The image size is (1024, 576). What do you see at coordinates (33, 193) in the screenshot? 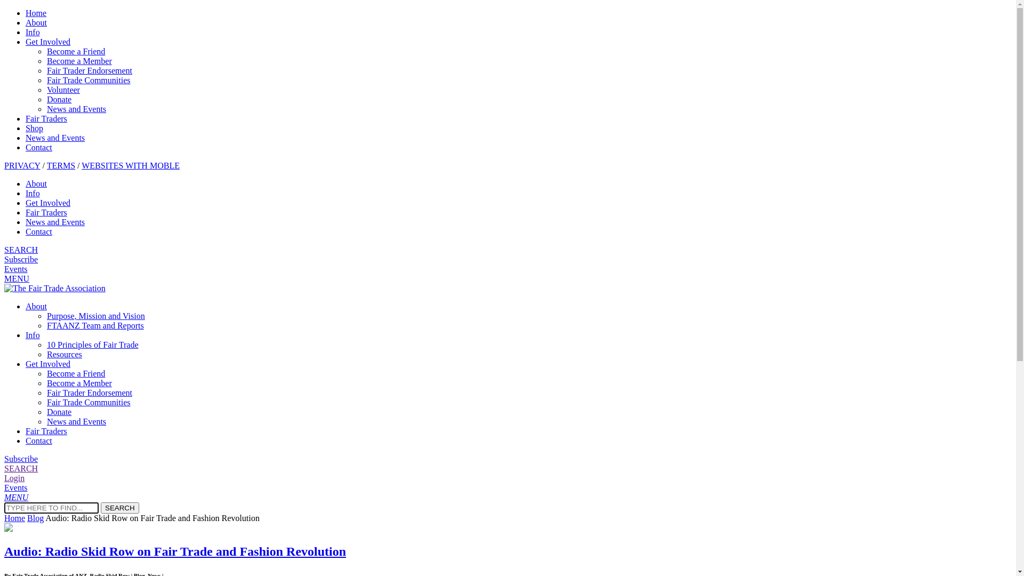
I see `'Info'` at bounding box center [33, 193].